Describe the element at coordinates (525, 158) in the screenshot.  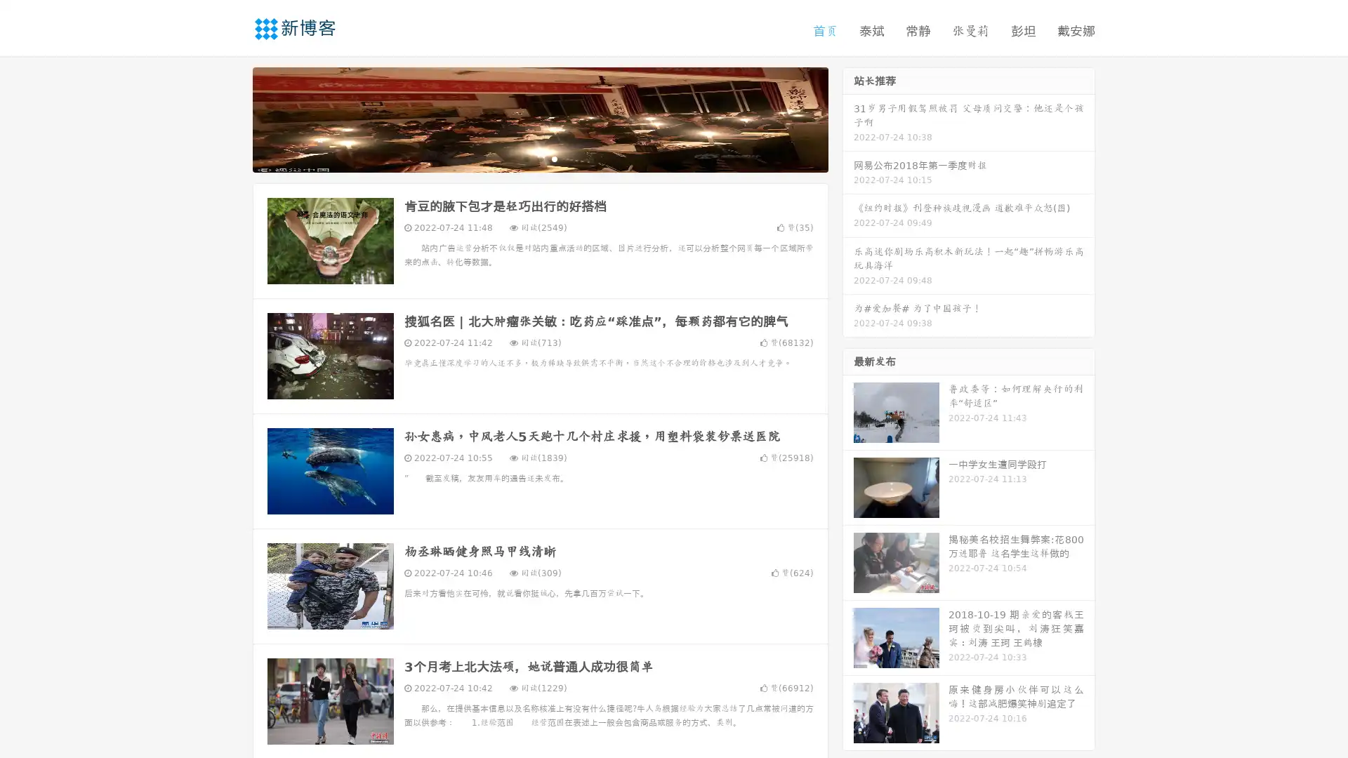
I see `Go to slide 1` at that location.